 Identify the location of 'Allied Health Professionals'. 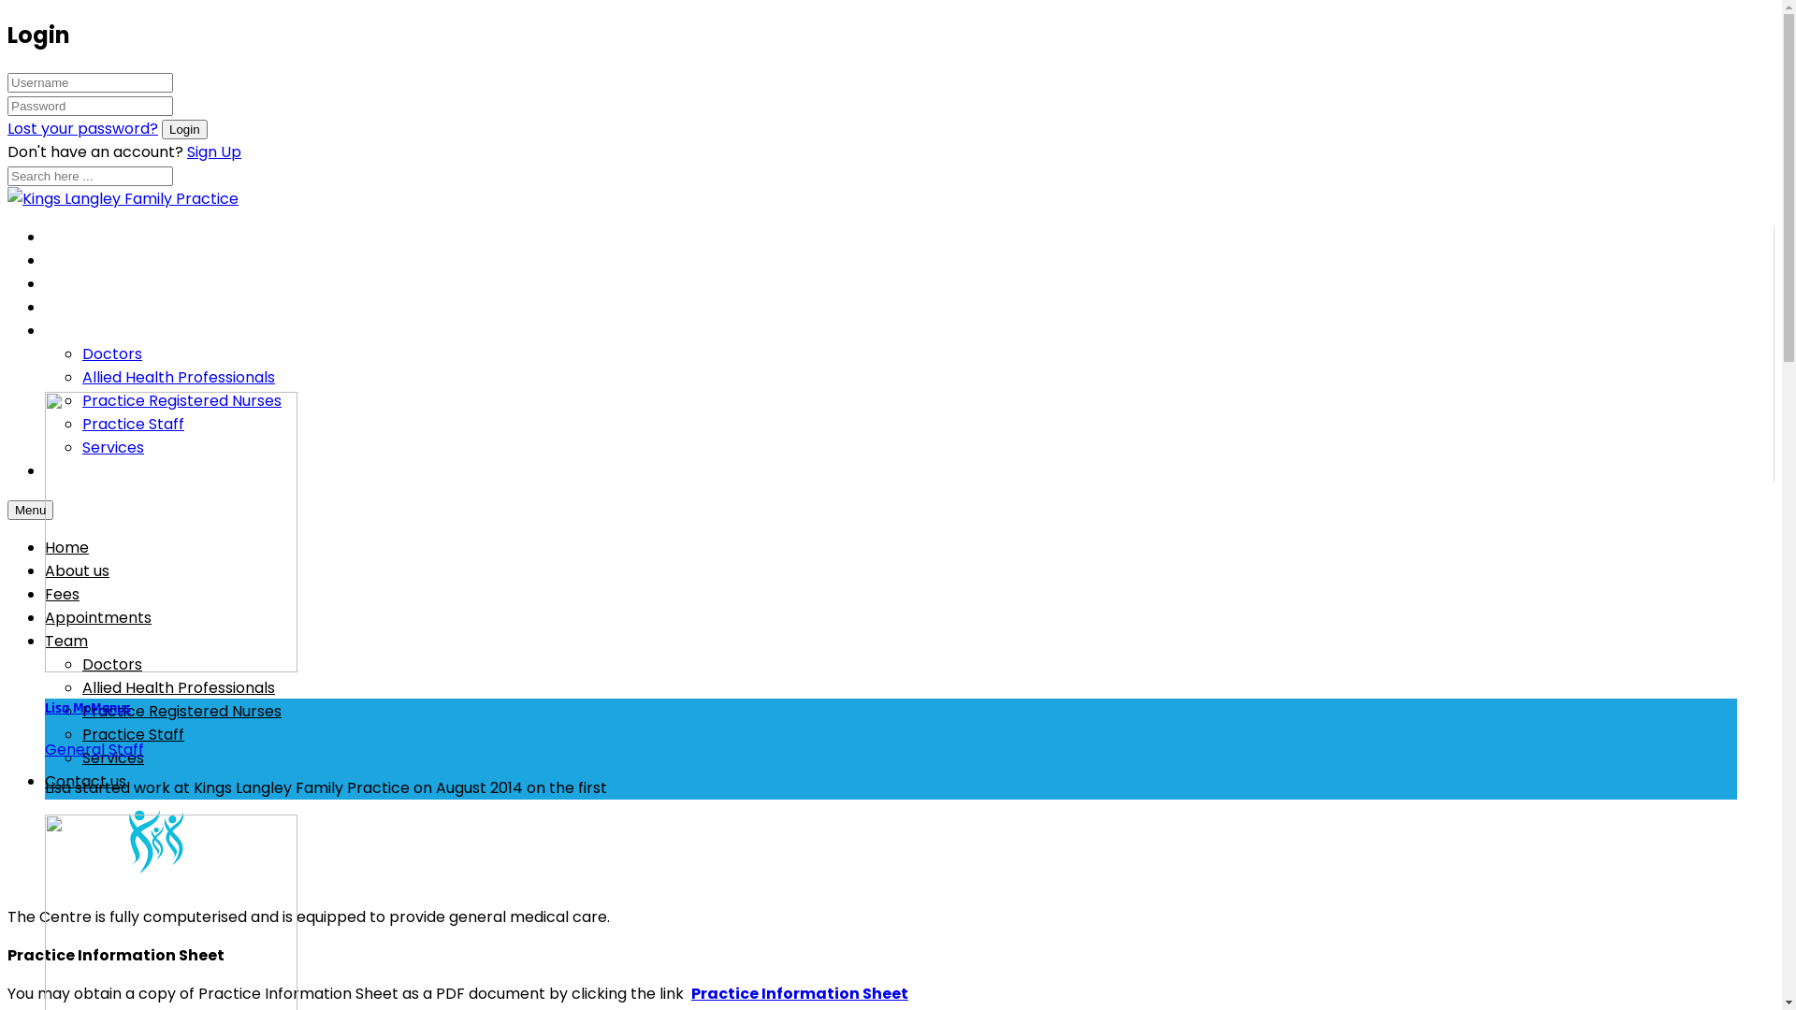
(80, 377).